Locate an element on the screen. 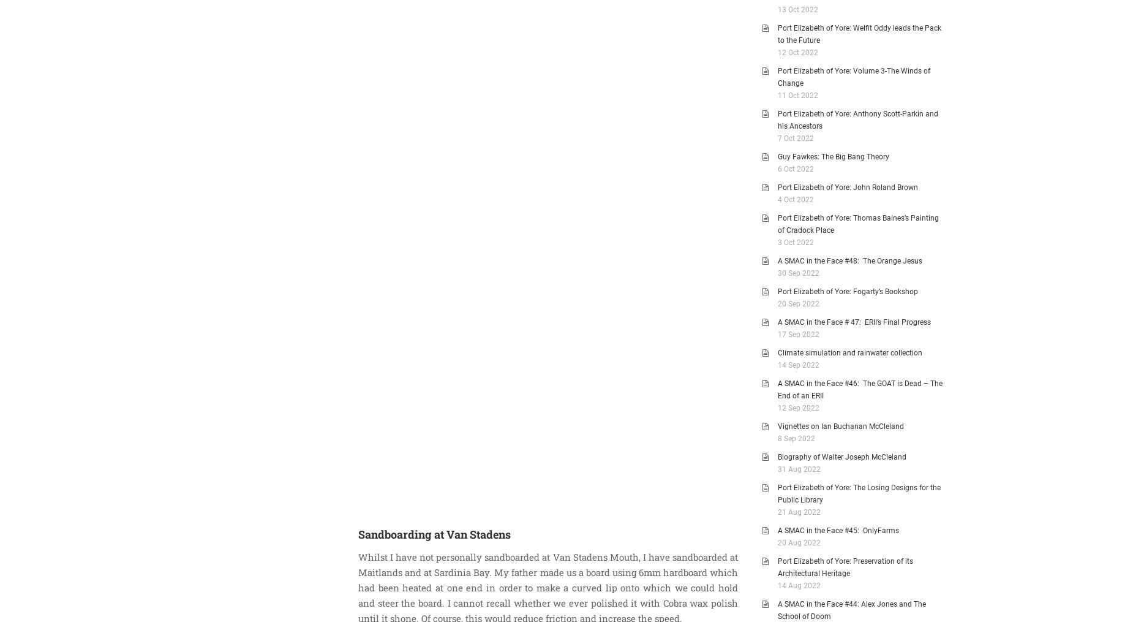 The image size is (1133, 622). 'Port Elizabeth of Yore: Fogarty’s Bookshop' is located at coordinates (847, 291).